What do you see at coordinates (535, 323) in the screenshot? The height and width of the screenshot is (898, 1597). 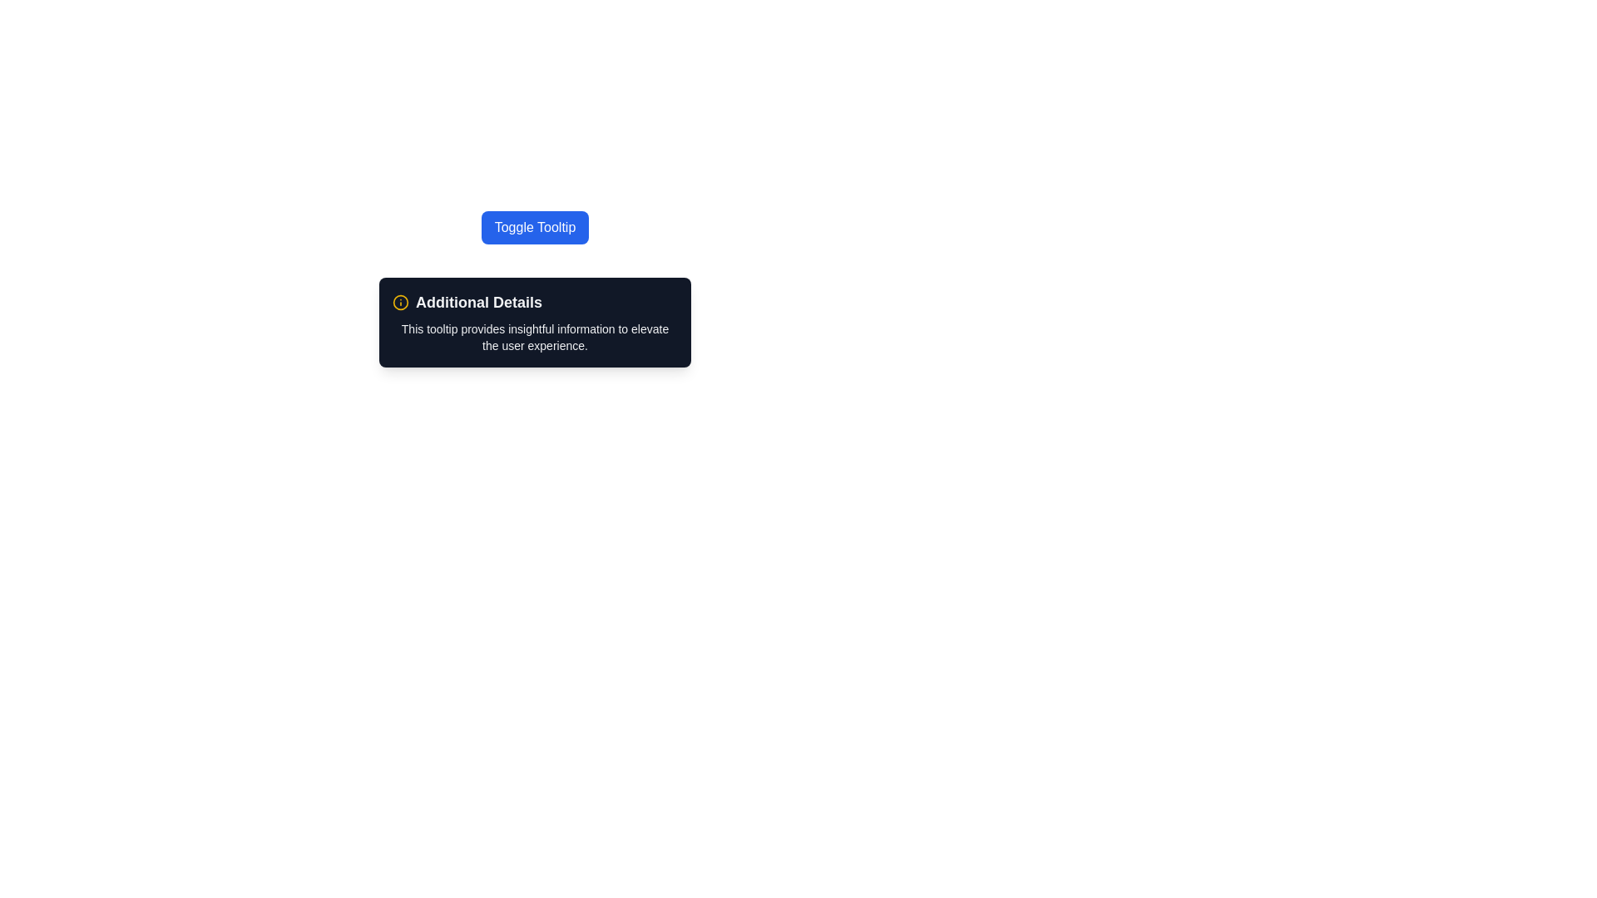 I see `information displayed in the tooltip that appears below the 'Toggle Tooltip' button` at bounding box center [535, 323].